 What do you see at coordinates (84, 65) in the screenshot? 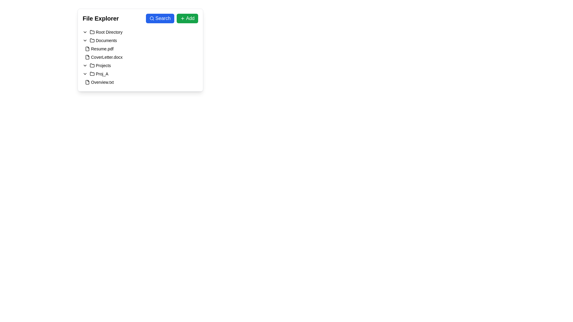
I see `the downwards-pointing chevron icon located to the left of the 'Projects' label in the file explorer interface` at bounding box center [84, 65].